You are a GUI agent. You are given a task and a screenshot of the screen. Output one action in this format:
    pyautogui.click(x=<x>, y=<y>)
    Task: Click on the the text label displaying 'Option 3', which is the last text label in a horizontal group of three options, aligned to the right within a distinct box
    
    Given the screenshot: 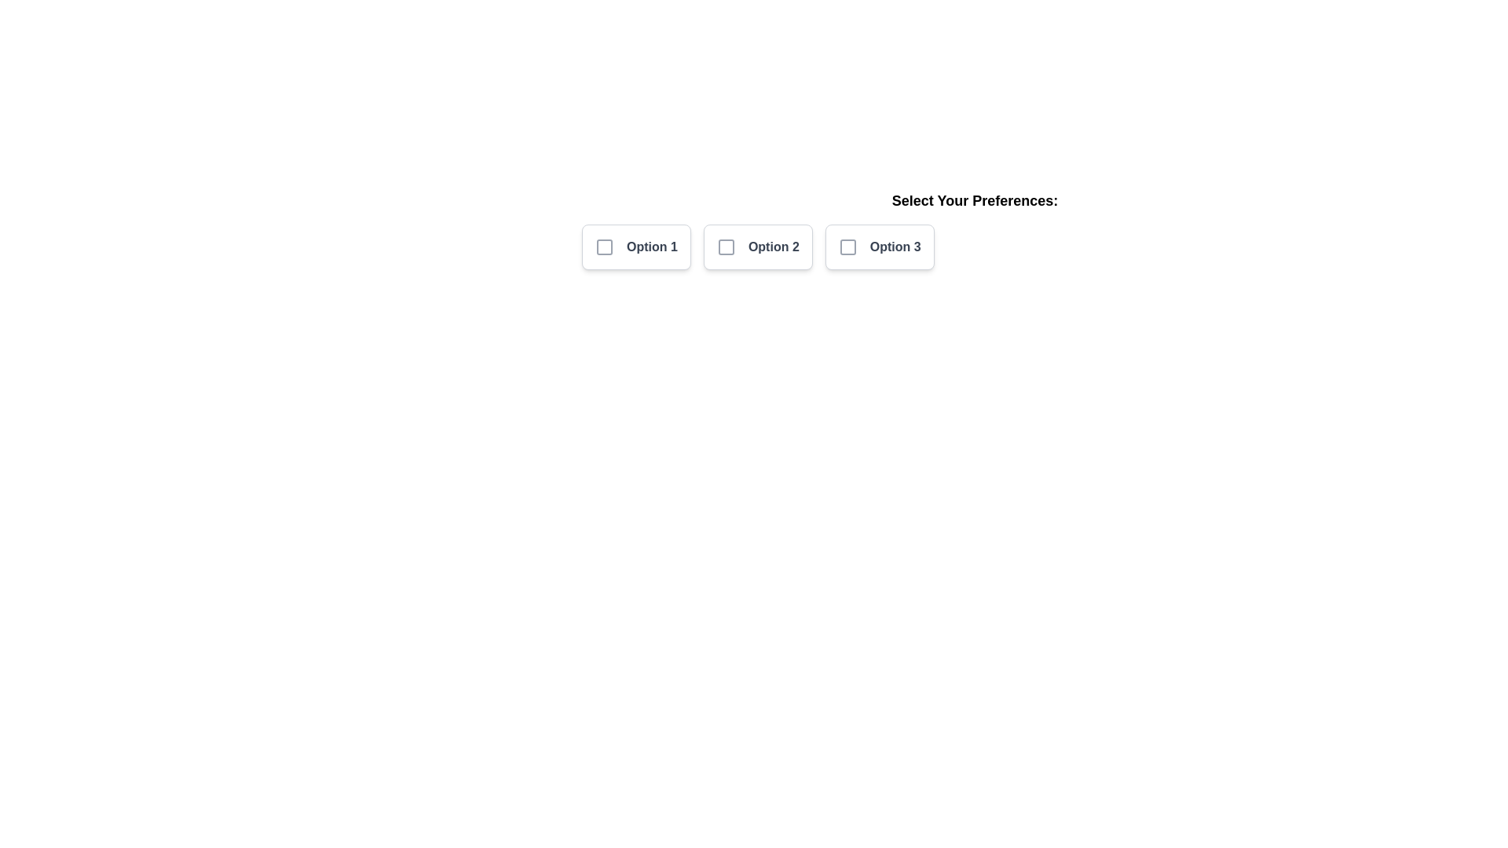 What is the action you would take?
    pyautogui.click(x=895, y=247)
    